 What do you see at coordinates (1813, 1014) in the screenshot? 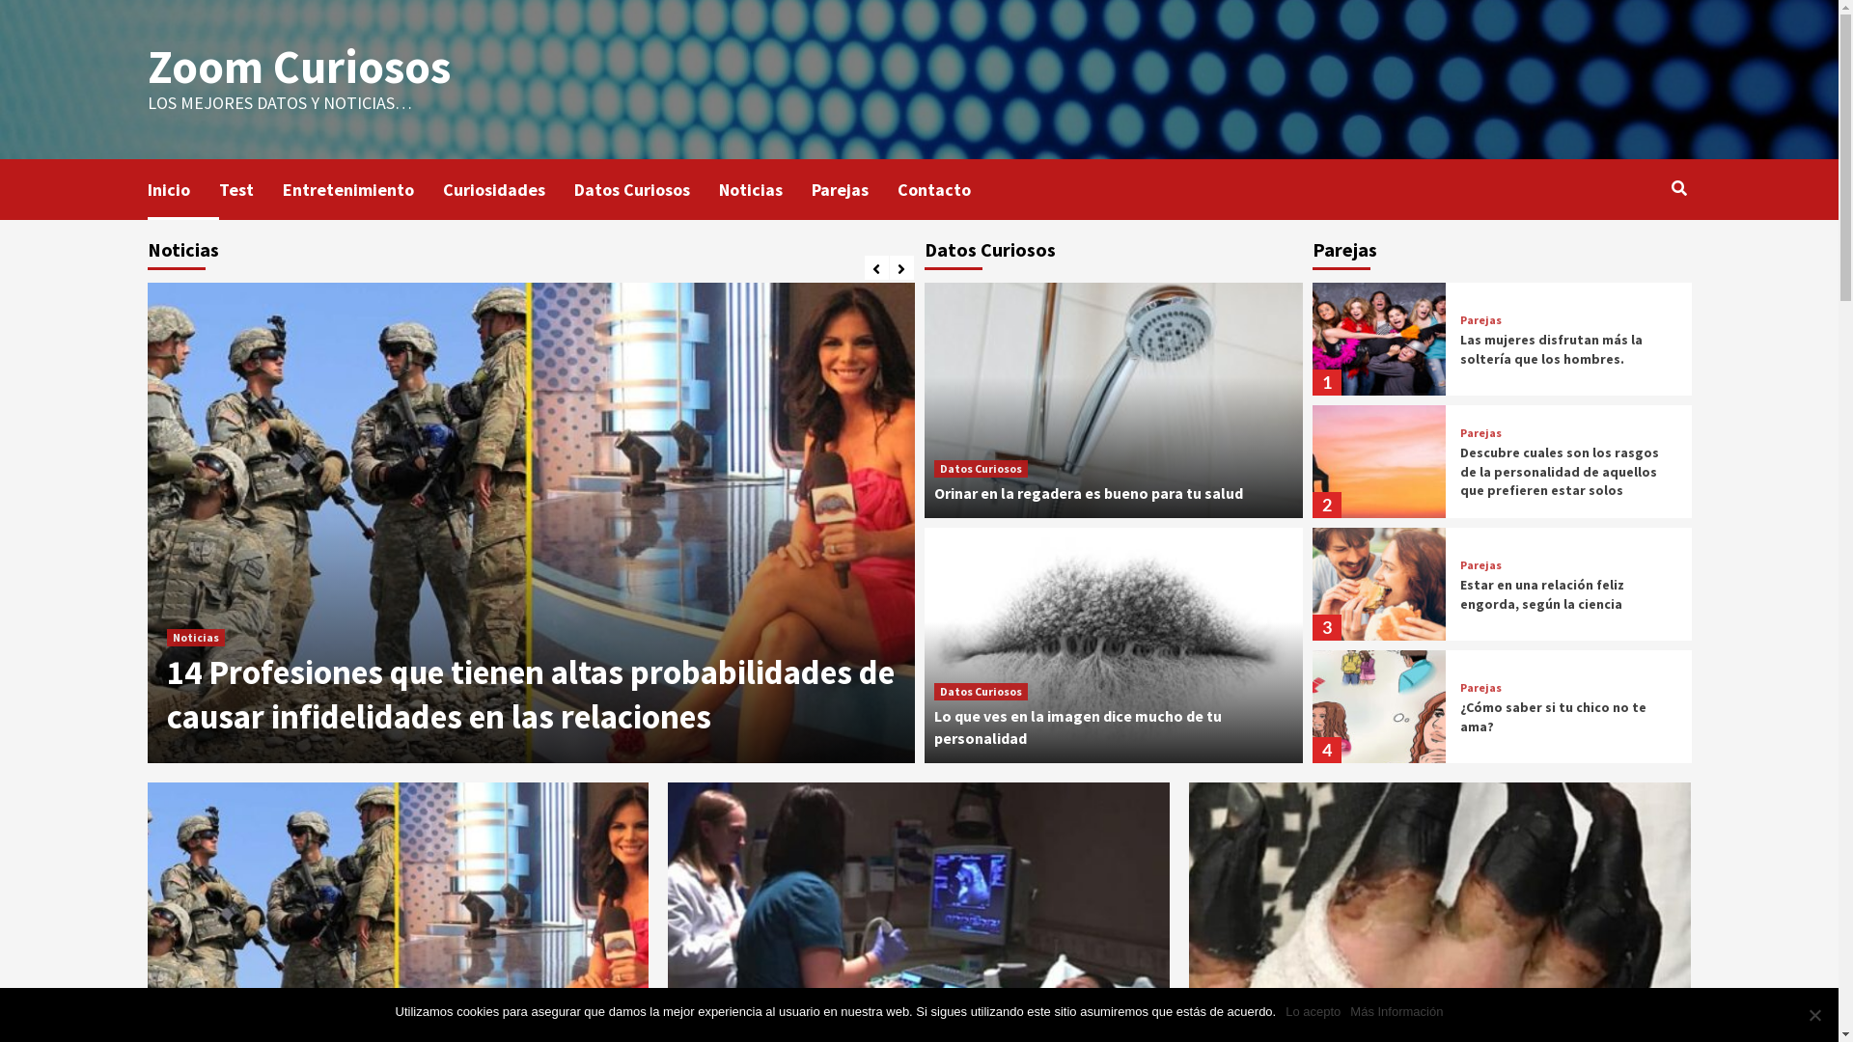
I see `'No'` at bounding box center [1813, 1014].